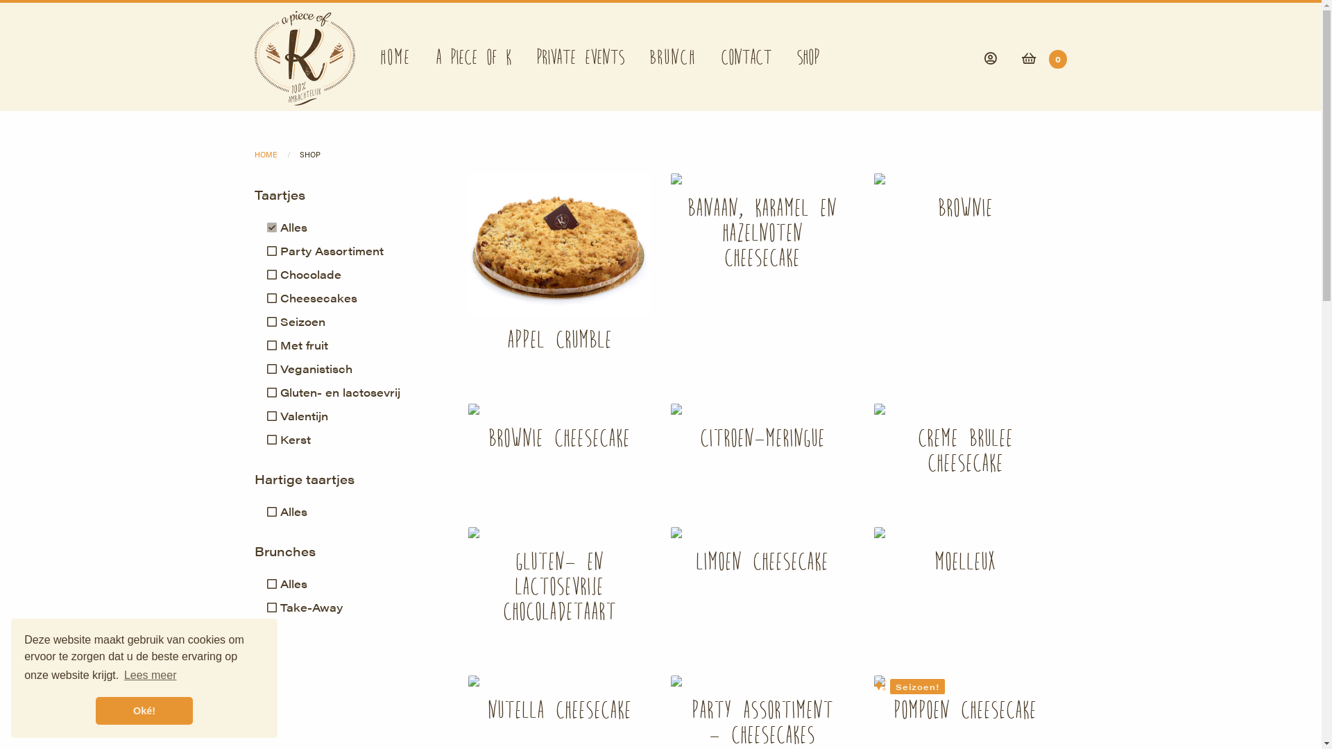  What do you see at coordinates (254, 393) in the screenshot?
I see `'Gluten- en lactosevrij'` at bounding box center [254, 393].